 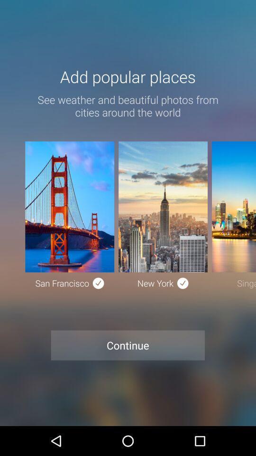 I want to click on the icon right beside of new york, so click(x=183, y=283).